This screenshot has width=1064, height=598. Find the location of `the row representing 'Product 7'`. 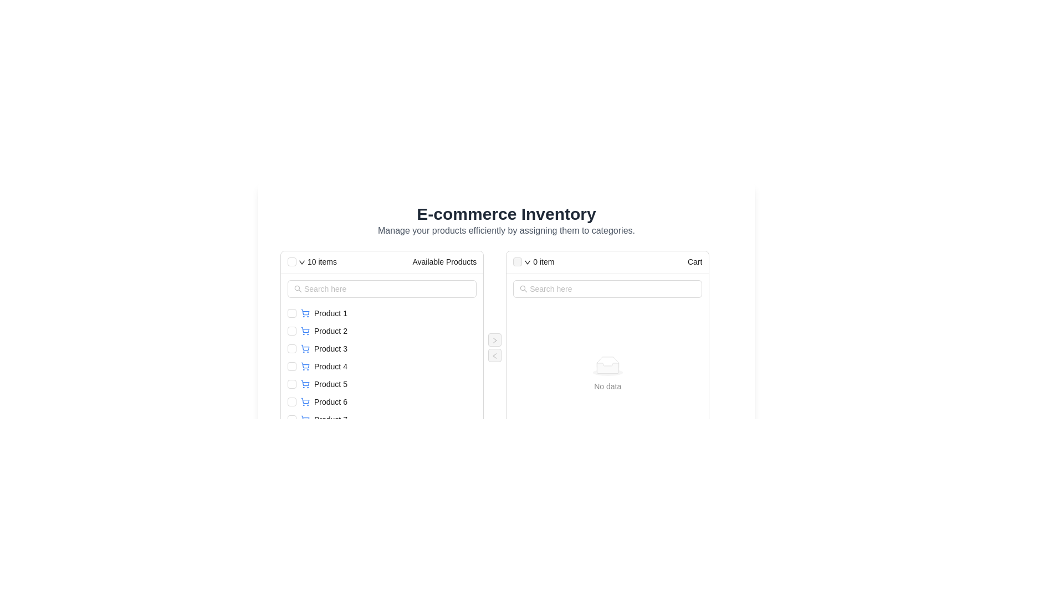

the row representing 'Product 7' is located at coordinates (382, 420).